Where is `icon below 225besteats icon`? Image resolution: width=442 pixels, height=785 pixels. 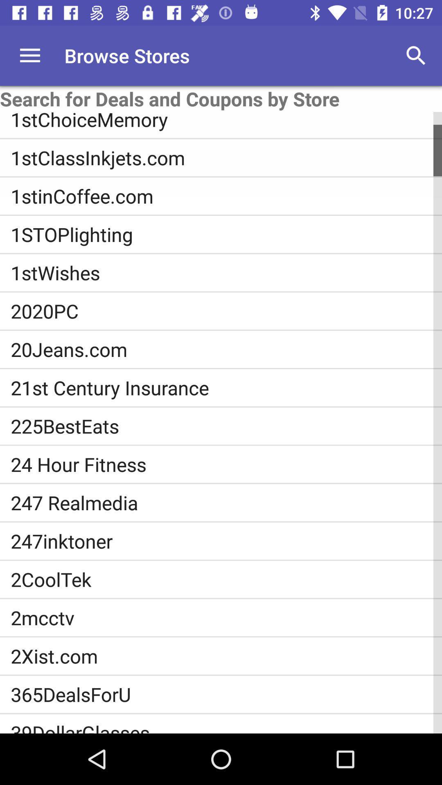 icon below 225besteats icon is located at coordinates (226, 464).